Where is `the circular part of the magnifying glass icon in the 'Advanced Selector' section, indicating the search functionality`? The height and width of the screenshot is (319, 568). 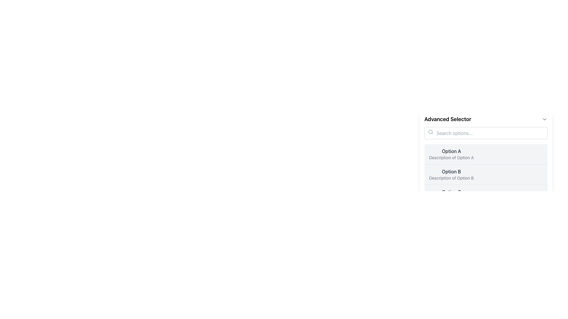 the circular part of the magnifying glass icon in the 'Advanced Selector' section, indicating the search functionality is located at coordinates (430, 131).